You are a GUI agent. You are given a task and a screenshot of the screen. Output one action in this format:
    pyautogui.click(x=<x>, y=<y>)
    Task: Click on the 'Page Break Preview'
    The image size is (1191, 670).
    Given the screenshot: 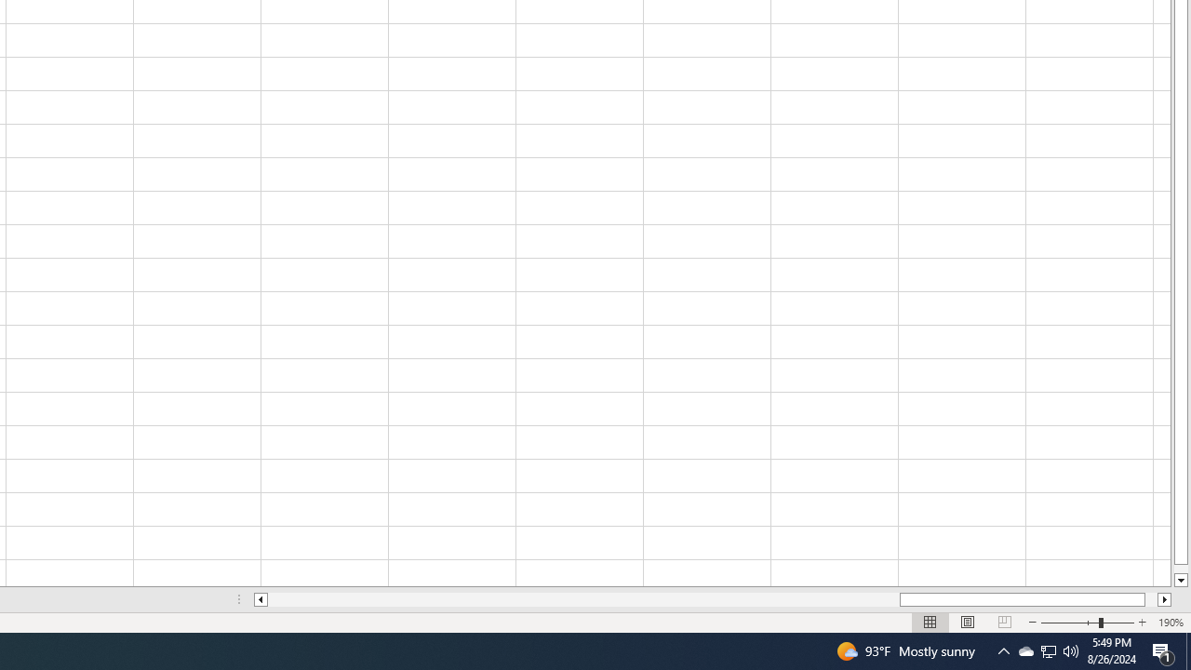 What is the action you would take?
    pyautogui.click(x=1003, y=623)
    